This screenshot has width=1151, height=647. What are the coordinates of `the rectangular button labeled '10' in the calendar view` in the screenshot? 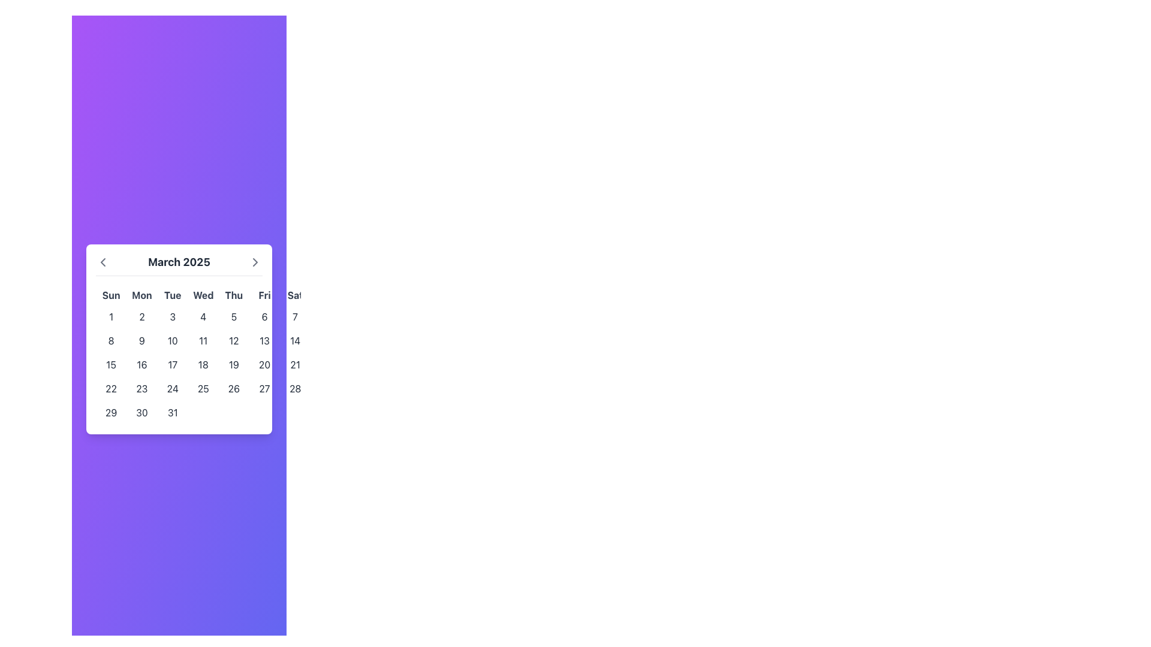 It's located at (172, 340).